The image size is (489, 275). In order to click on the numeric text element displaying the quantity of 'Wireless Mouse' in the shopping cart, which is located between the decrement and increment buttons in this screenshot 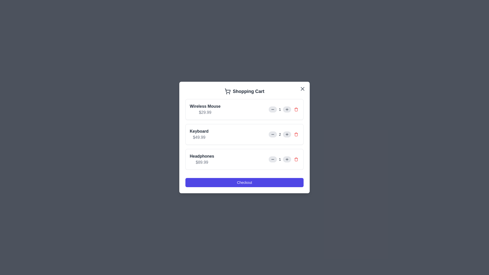, I will do `click(280, 109)`.